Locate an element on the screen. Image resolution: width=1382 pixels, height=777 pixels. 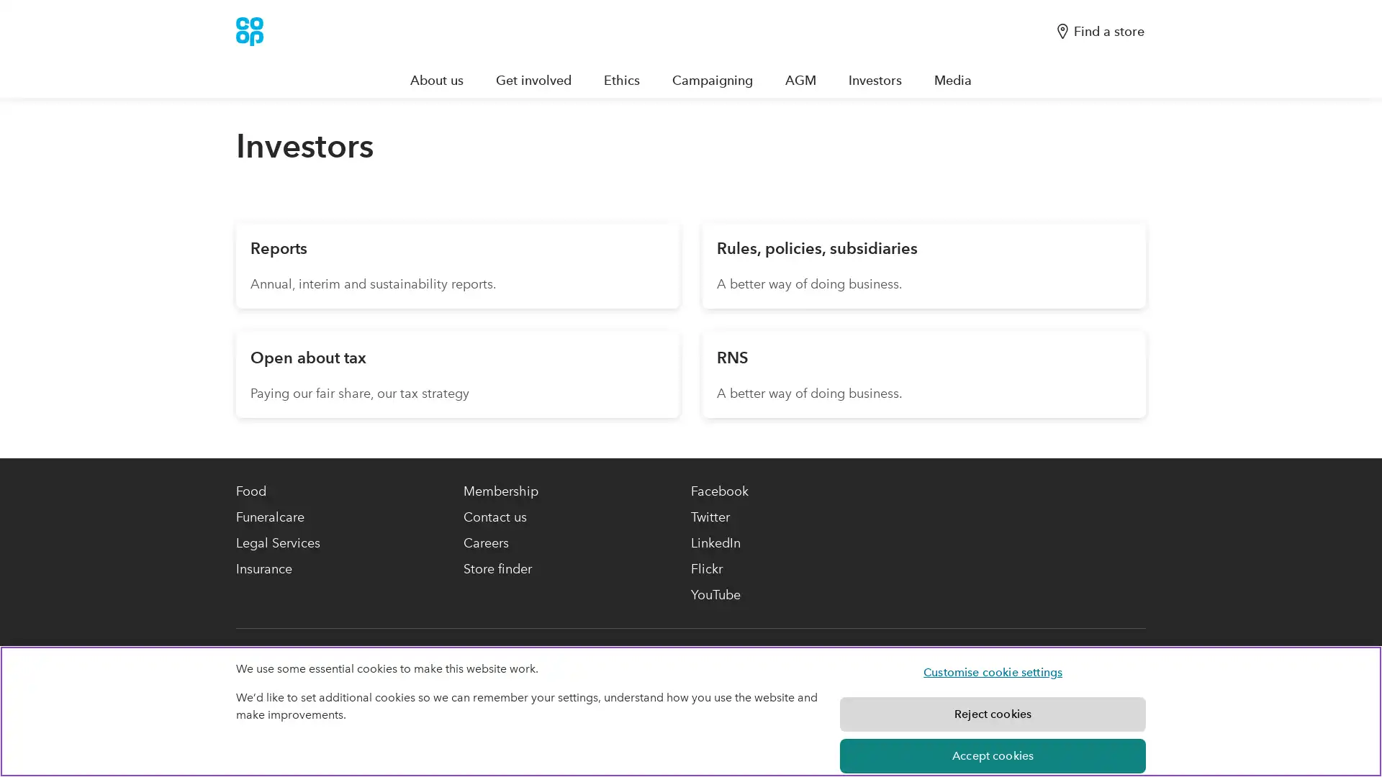
Customise cookie settings is located at coordinates (991, 672).